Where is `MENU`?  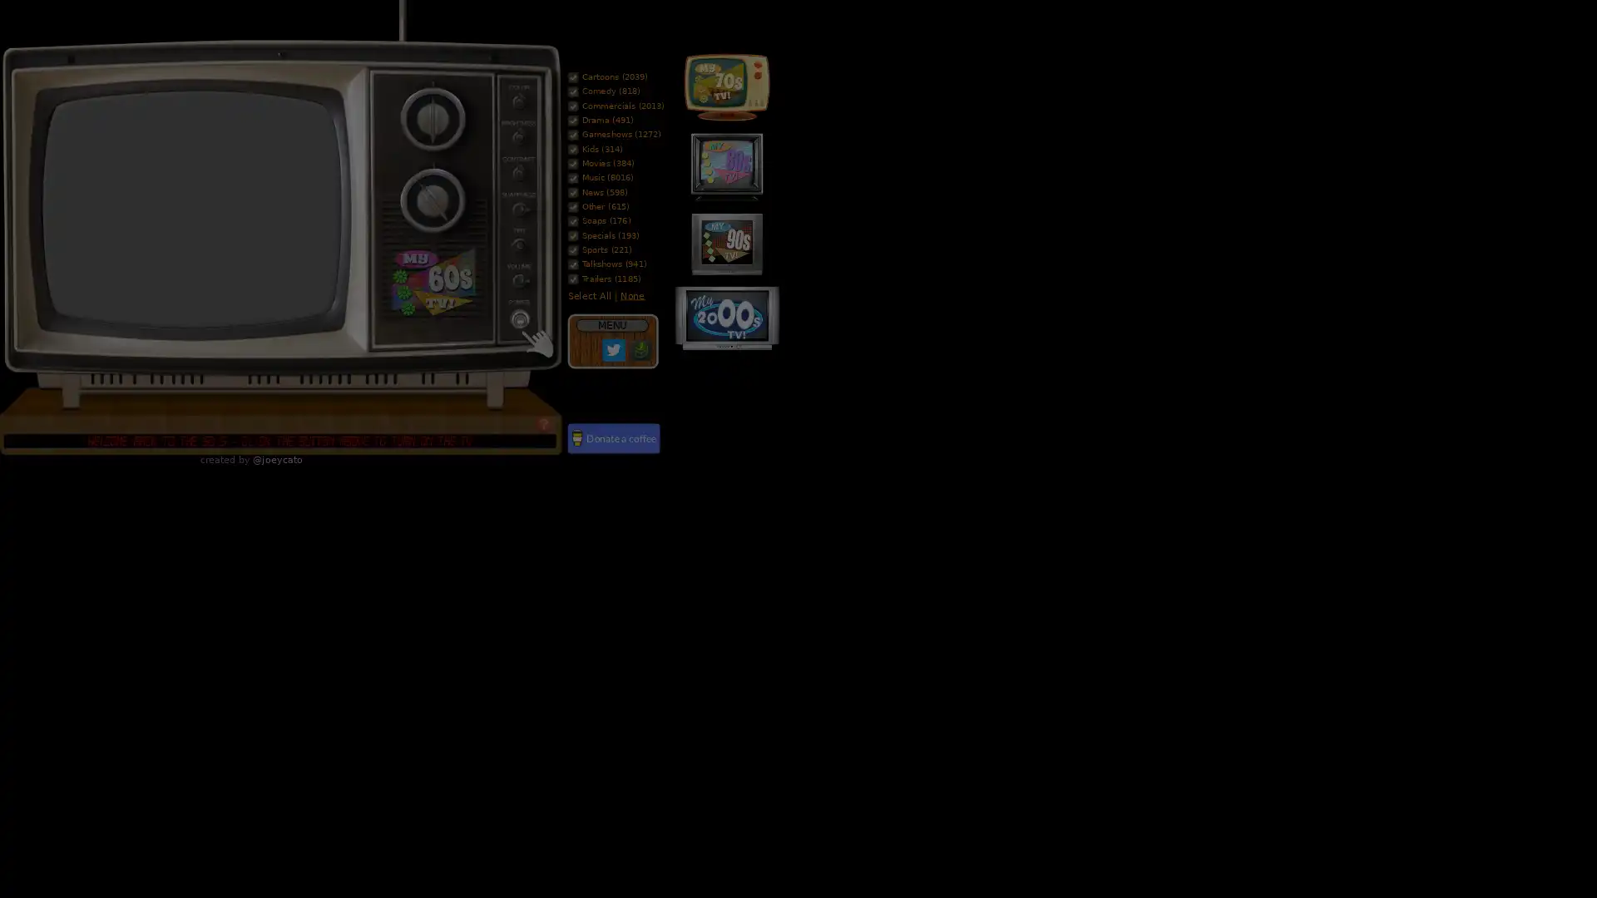
MENU is located at coordinates (611, 324).